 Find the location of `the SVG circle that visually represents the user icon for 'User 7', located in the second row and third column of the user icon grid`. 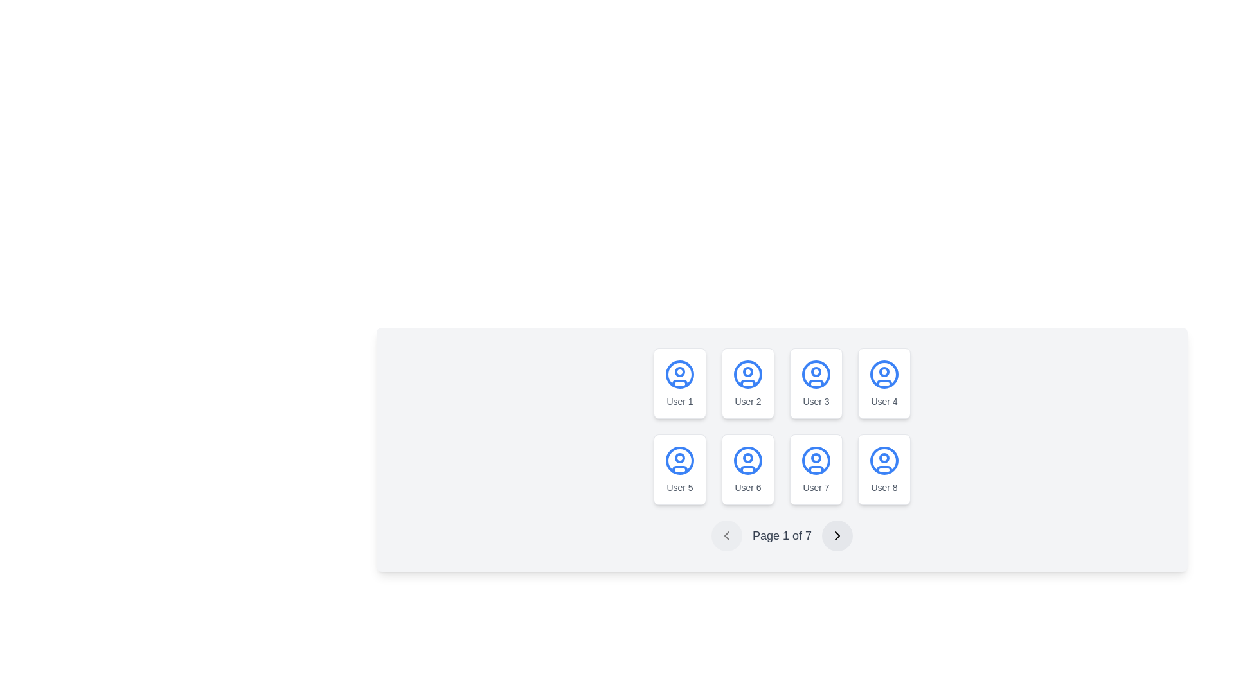

the SVG circle that visually represents the user icon for 'User 7', located in the second row and third column of the user icon grid is located at coordinates (816, 458).